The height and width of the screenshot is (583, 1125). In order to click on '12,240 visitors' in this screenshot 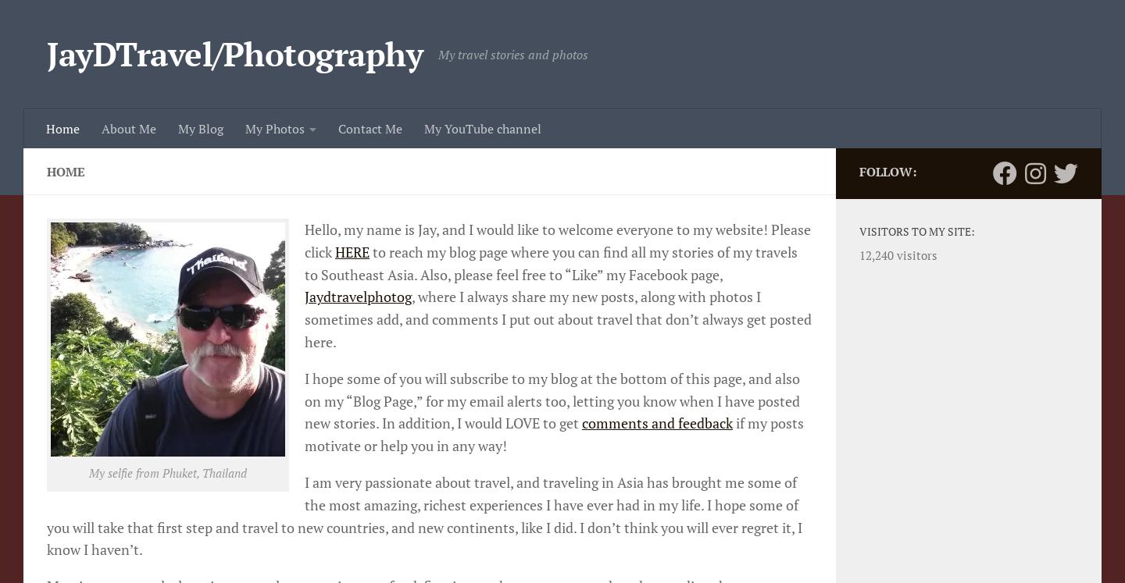, I will do `click(859, 254)`.